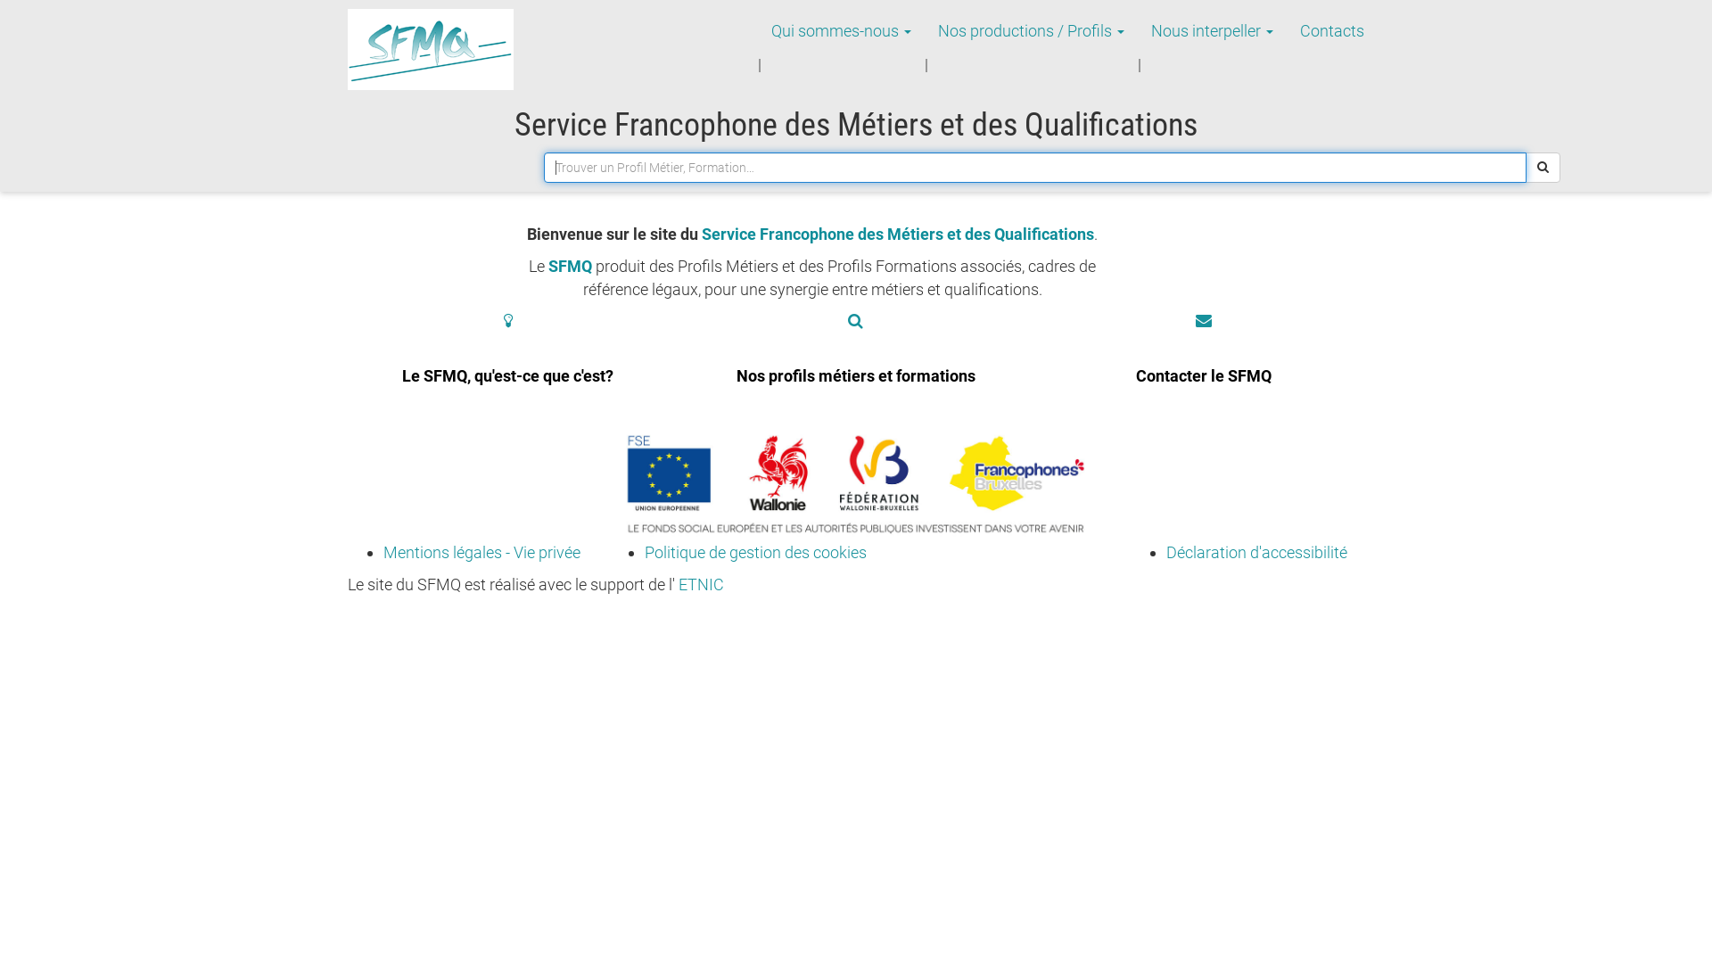  Describe the element at coordinates (700, 584) in the screenshot. I see `'ETNIC'` at that location.